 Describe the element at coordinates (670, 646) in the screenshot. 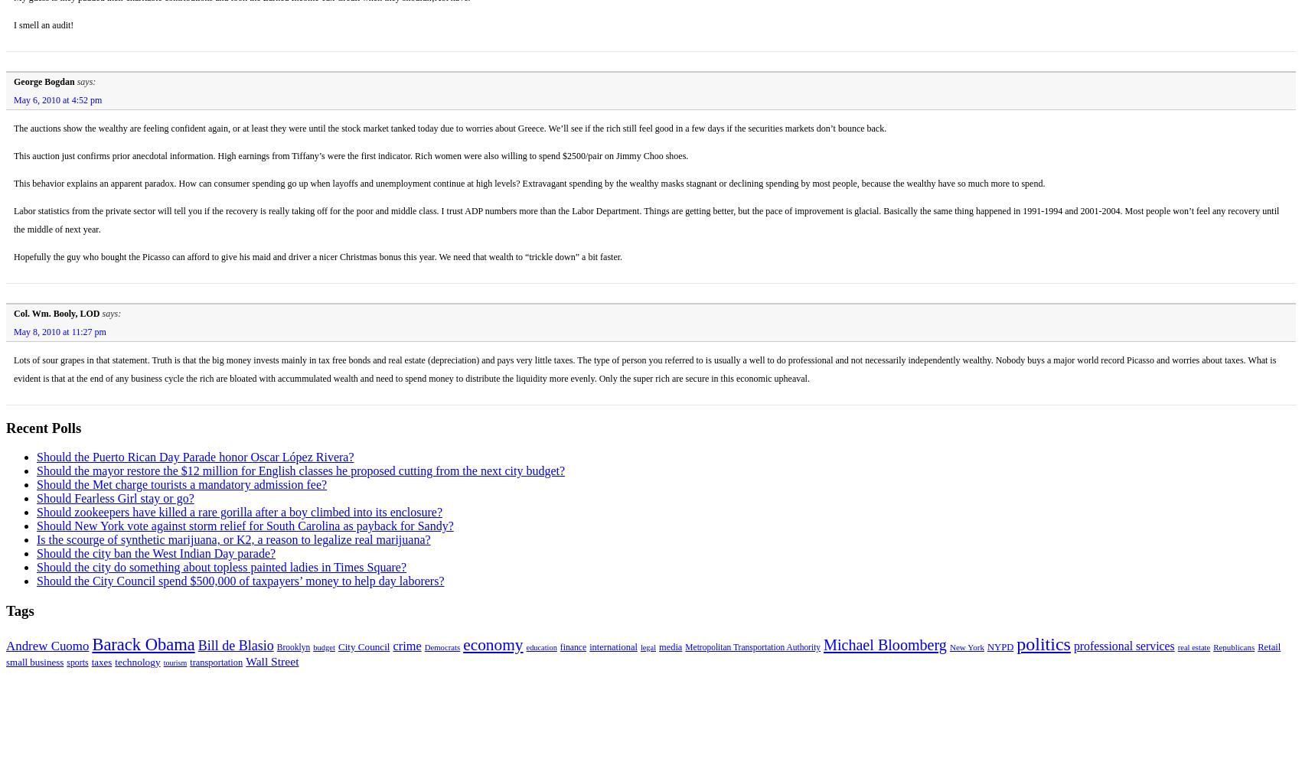

I see `'media'` at that location.